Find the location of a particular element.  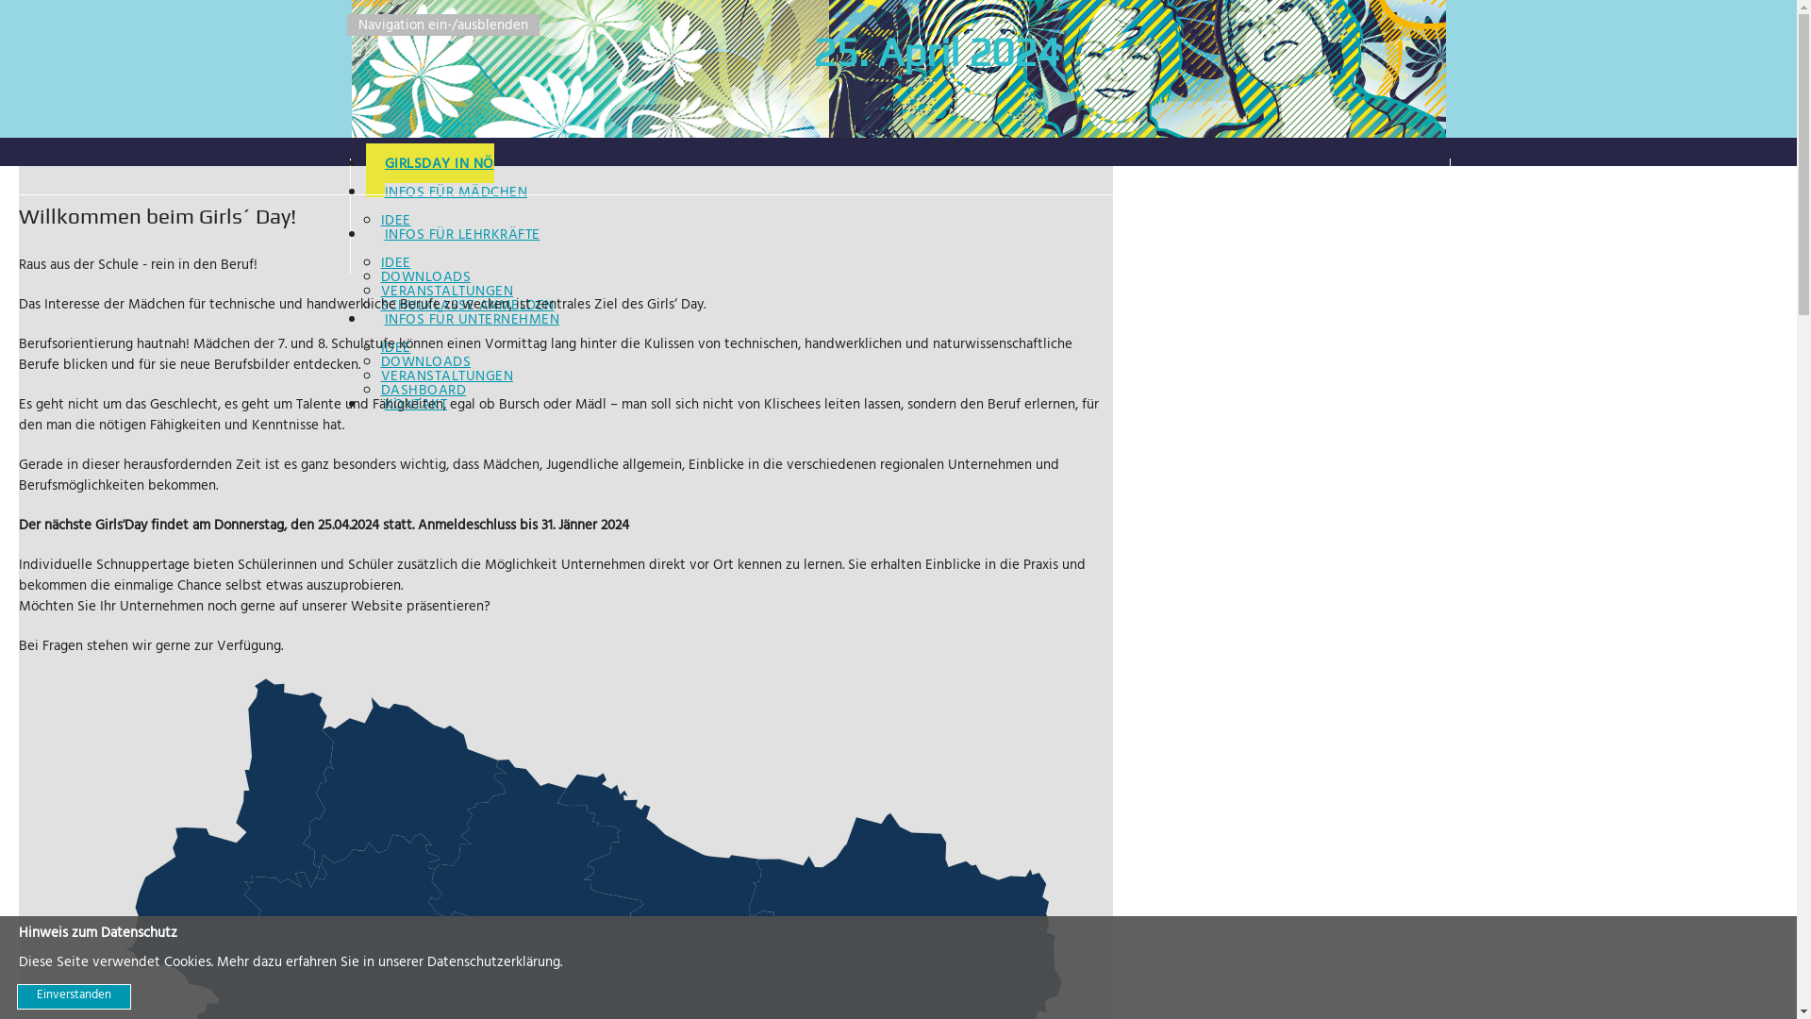

'DOWNLOADS' is located at coordinates (424, 278).